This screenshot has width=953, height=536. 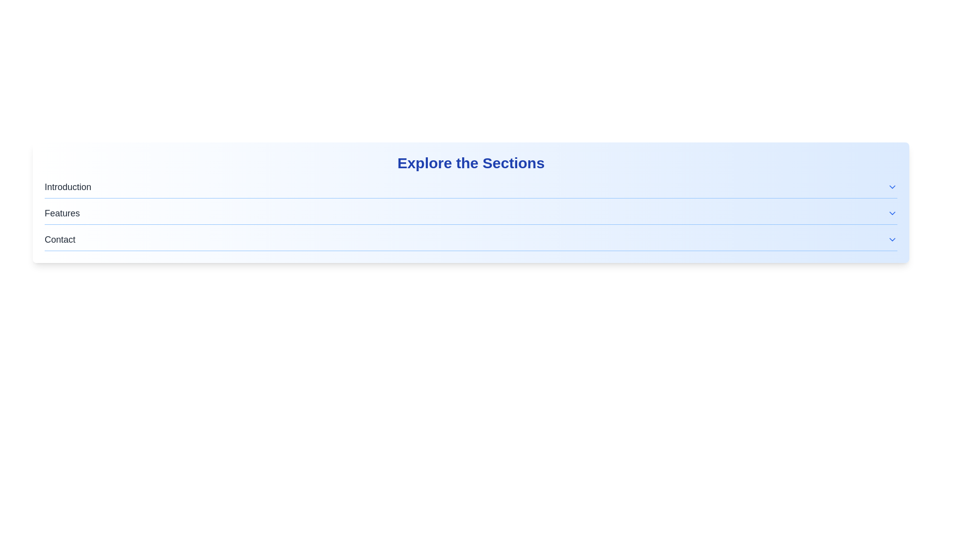 I want to click on the small downward pointing chevron icon styled in blue, located at the end of the 'Contact' row in a dropdown menu, so click(x=892, y=239).